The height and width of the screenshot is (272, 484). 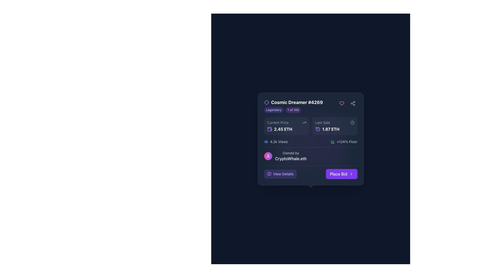 I want to click on the white stylized person icon located within a circular badge with a gradient background transitioning from pink to violet, positioned in the lower section of the card-like component, so click(x=268, y=156).